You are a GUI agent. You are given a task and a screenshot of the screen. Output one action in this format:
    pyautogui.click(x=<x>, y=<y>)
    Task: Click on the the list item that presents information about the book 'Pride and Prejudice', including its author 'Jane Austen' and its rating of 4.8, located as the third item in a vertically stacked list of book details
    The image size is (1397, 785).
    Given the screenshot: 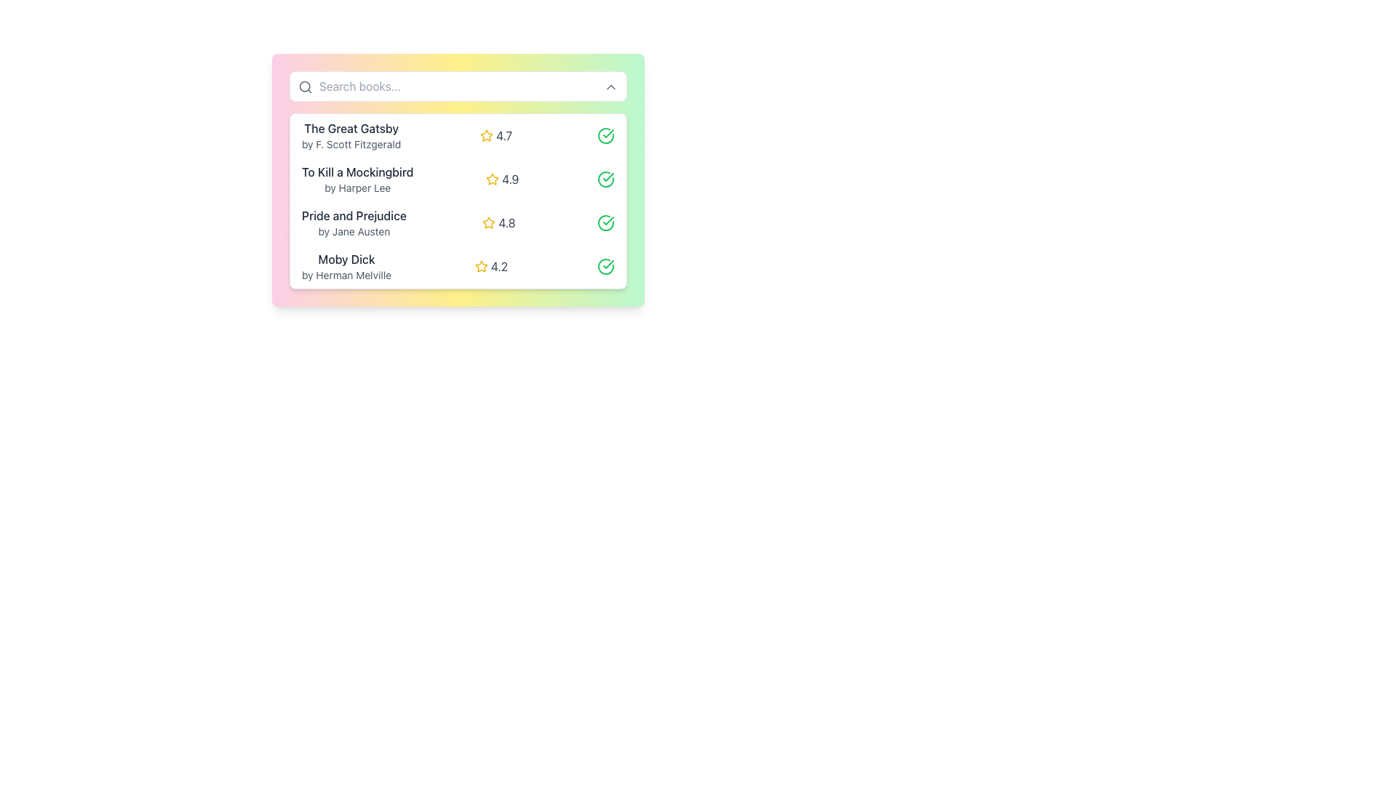 What is the action you would take?
    pyautogui.click(x=457, y=223)
    